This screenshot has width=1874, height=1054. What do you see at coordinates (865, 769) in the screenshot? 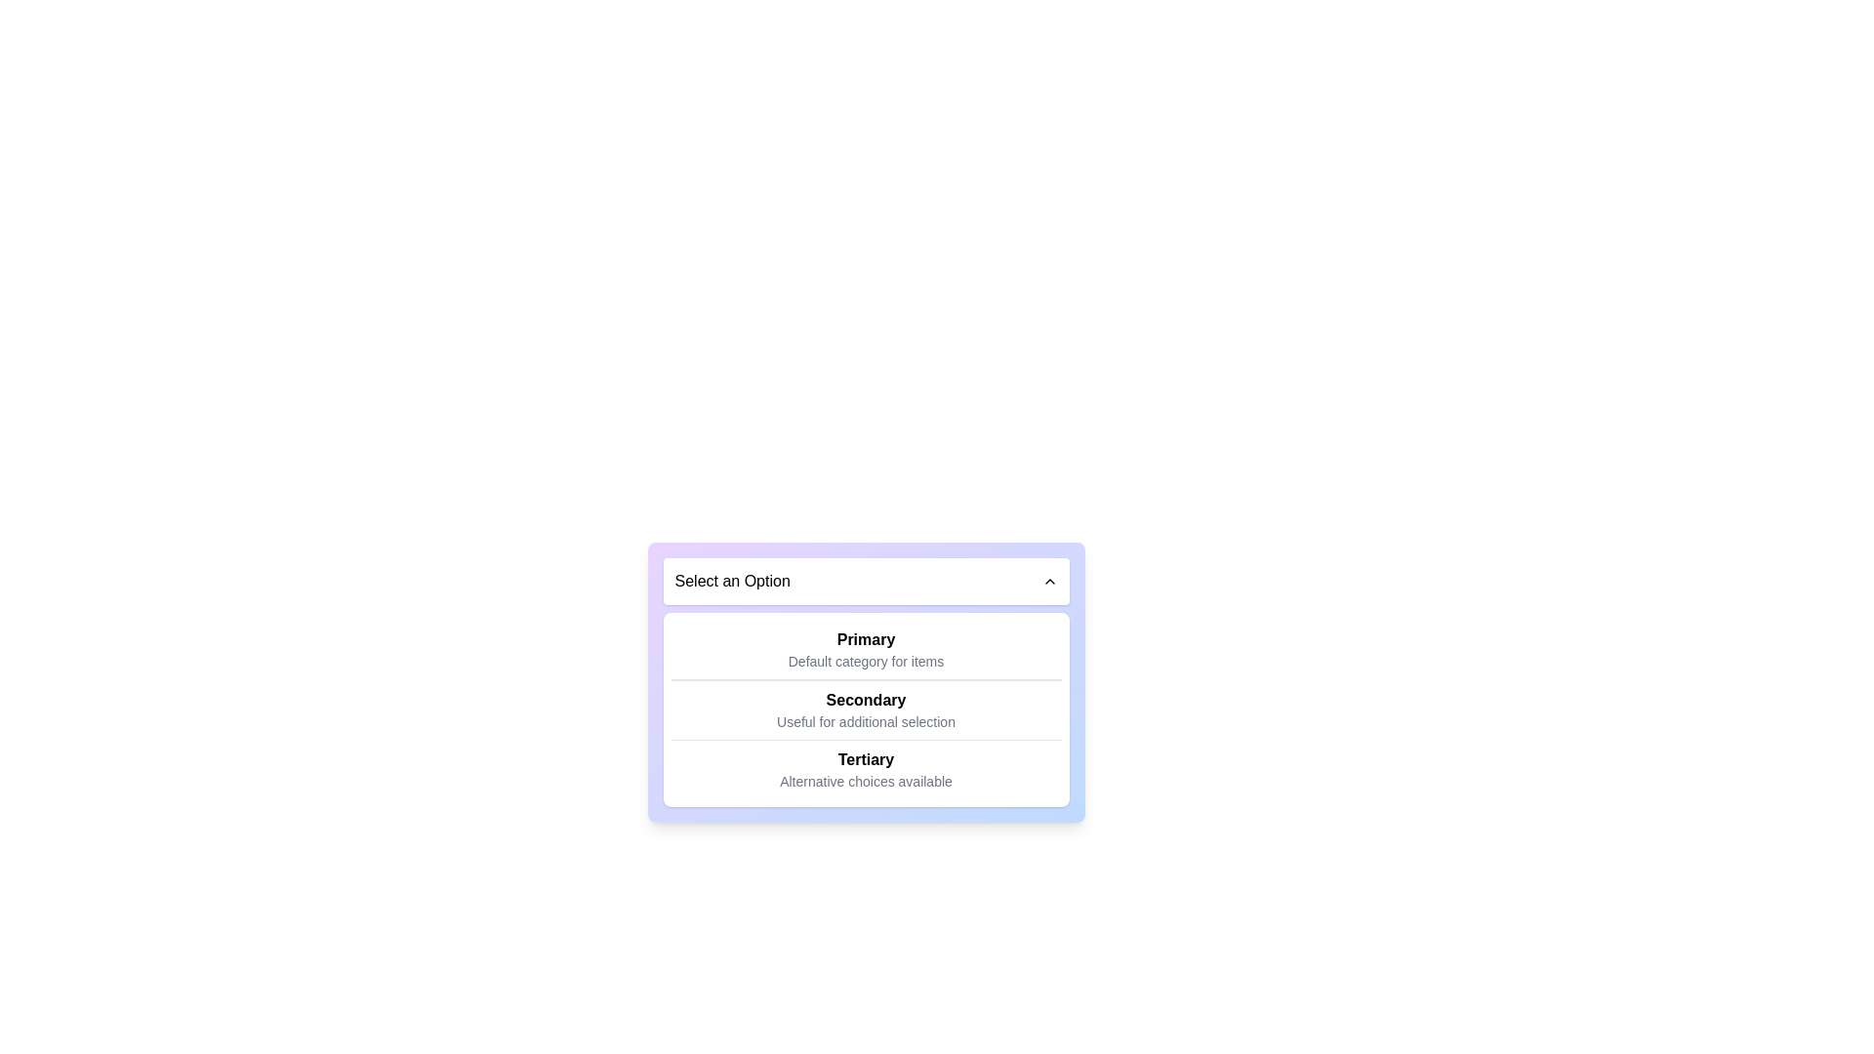
I see `the selectable list item labeled 'Tertiary' with subtext 'Alternative choices available' to provide interactive feedback` at bounding box center [865, 769].